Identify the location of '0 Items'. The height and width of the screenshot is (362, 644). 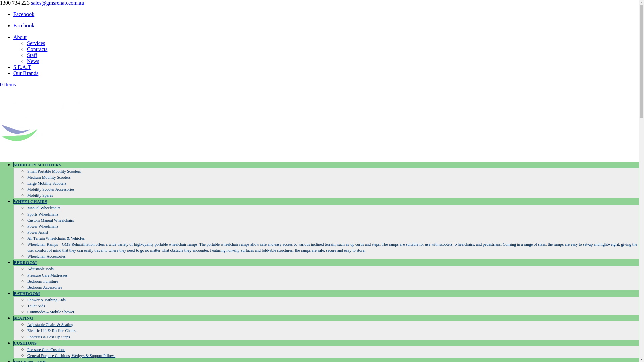
(8, 84).